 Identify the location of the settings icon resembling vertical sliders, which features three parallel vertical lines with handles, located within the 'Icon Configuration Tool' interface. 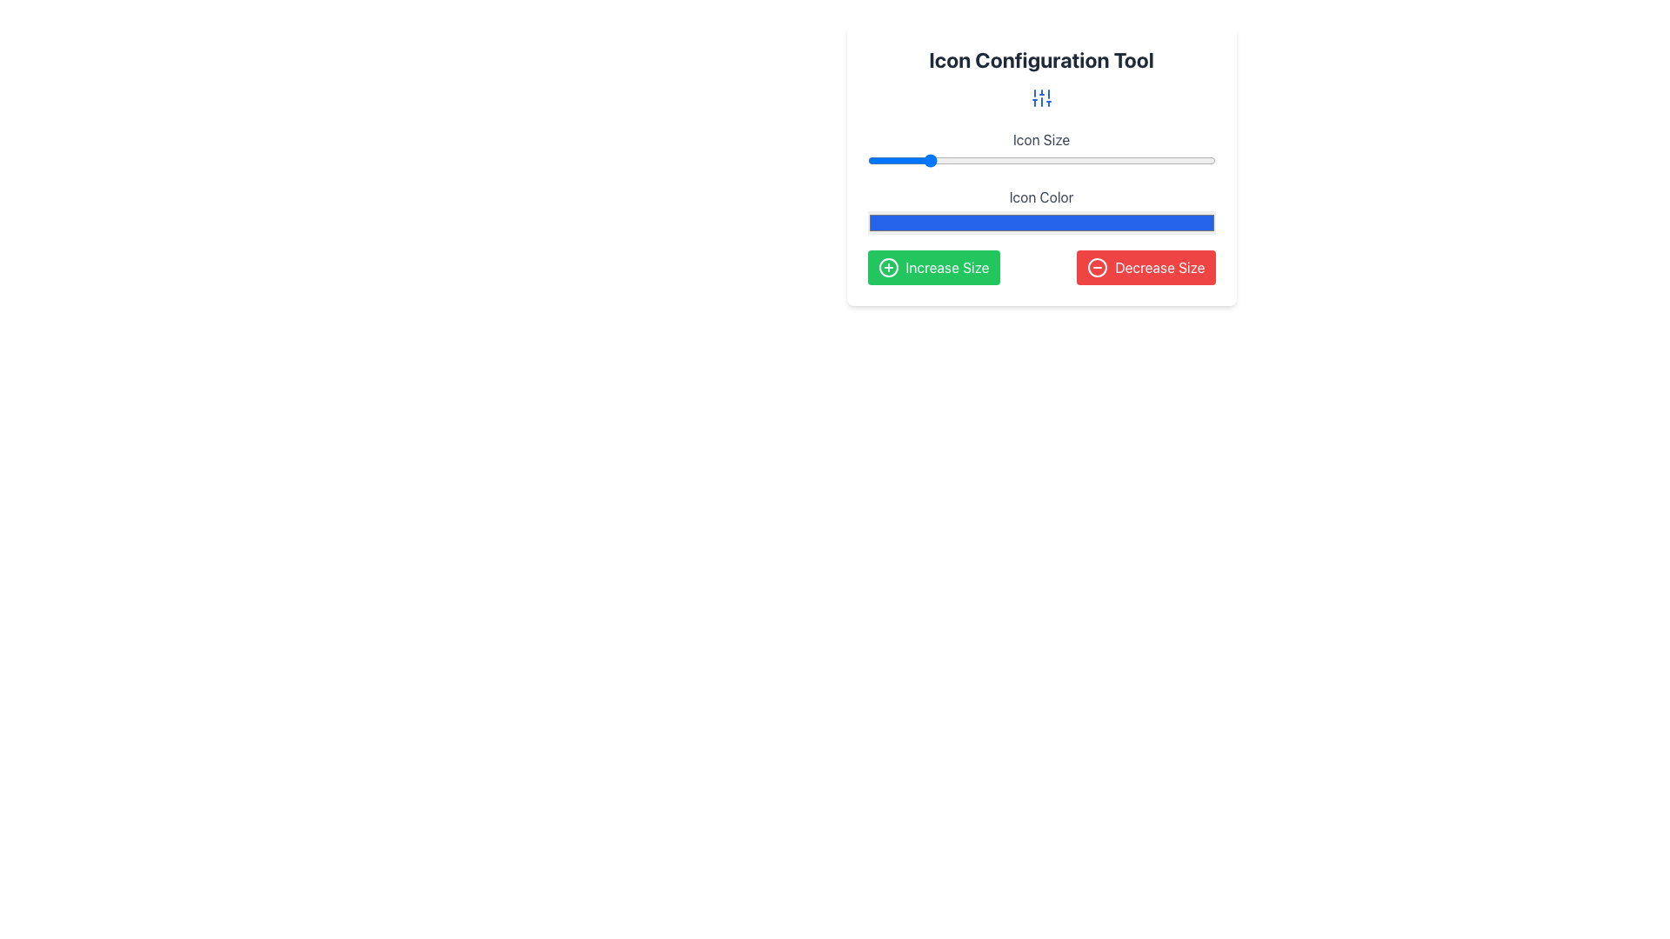
(1041, 97).